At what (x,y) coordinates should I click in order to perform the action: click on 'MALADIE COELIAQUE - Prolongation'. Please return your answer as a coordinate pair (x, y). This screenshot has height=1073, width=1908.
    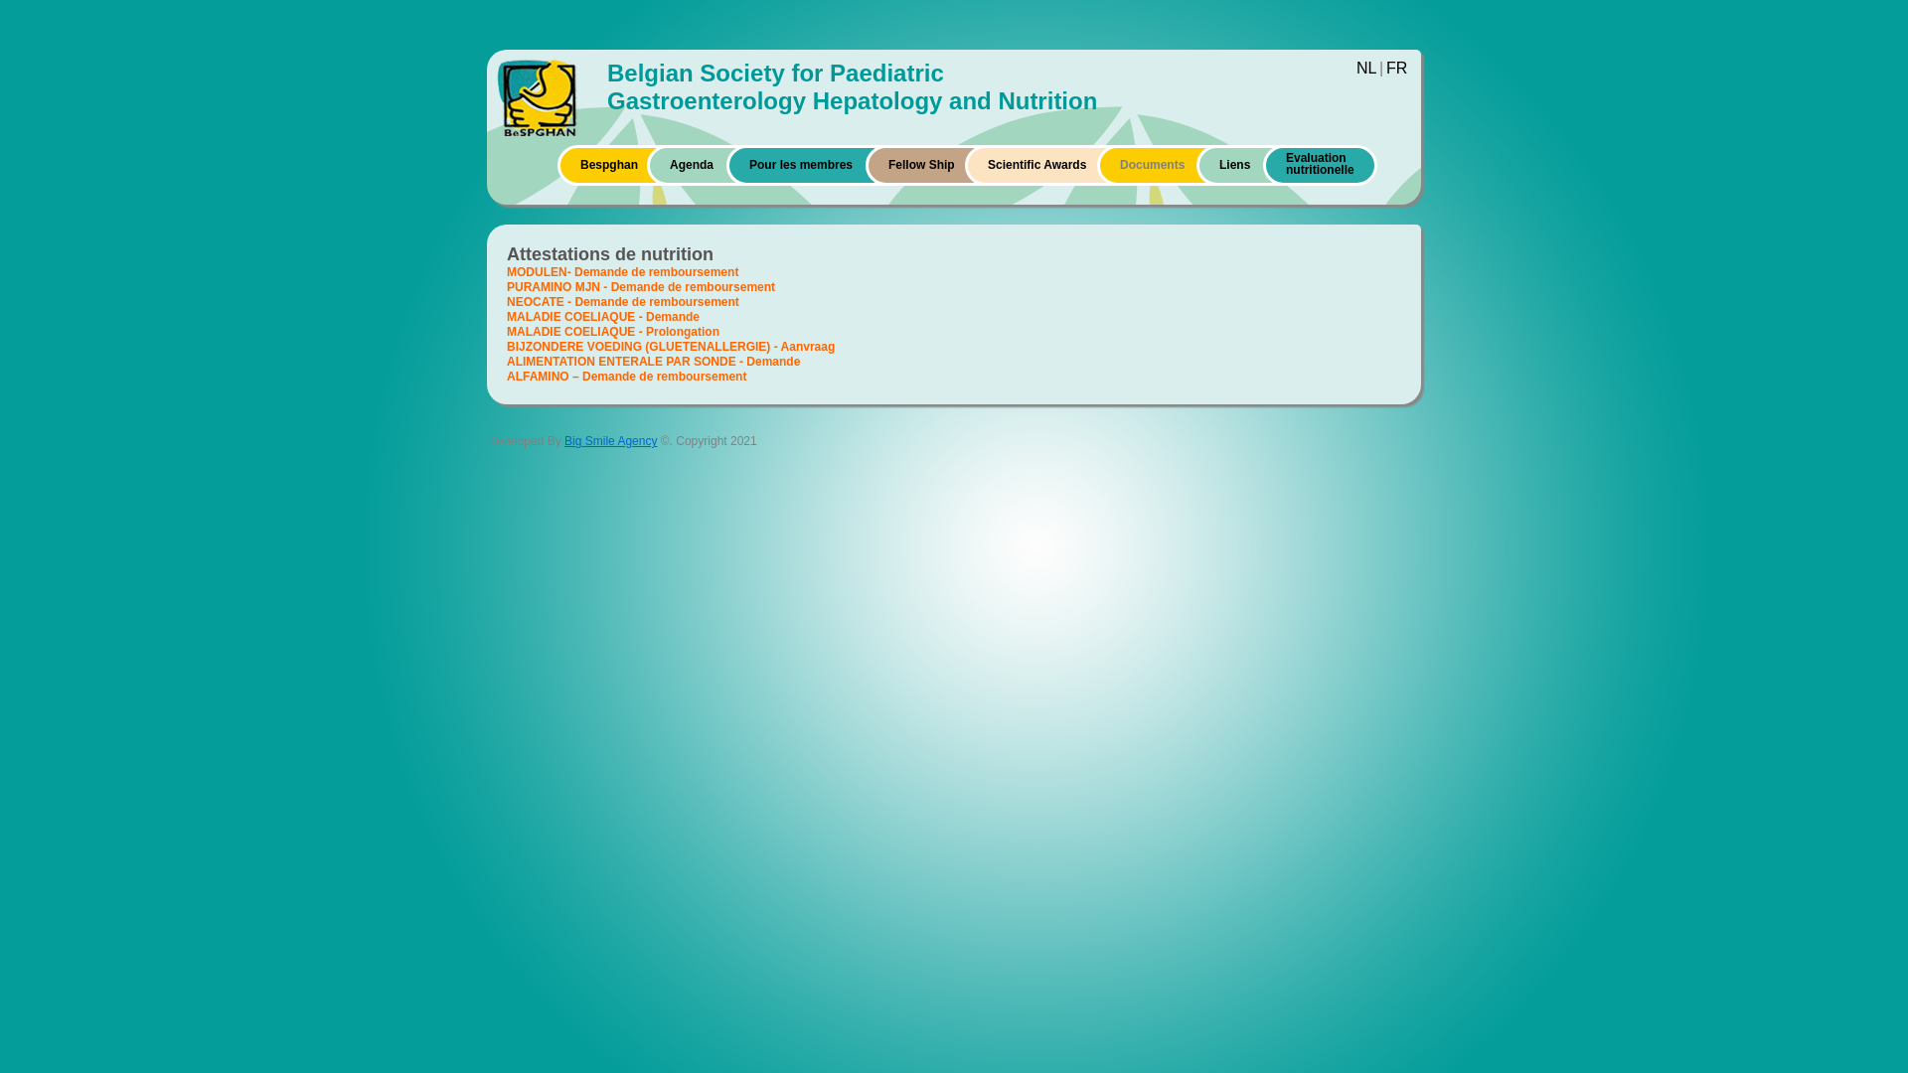
    Looking at the image, I should click on (506, 331).